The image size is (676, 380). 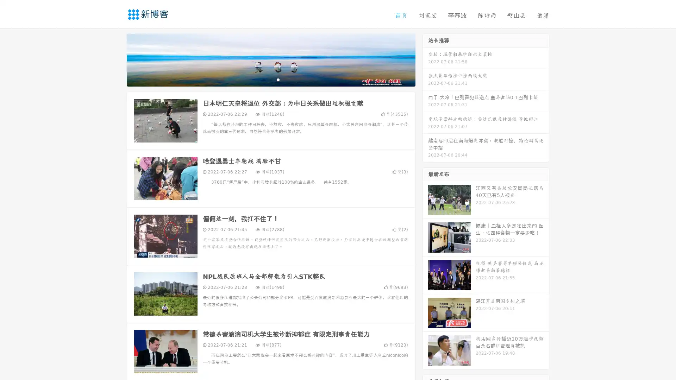 What do you see at coordinates (425, 59) in the screenshot?
I see `Next slide` at bounding box center [425, 59].